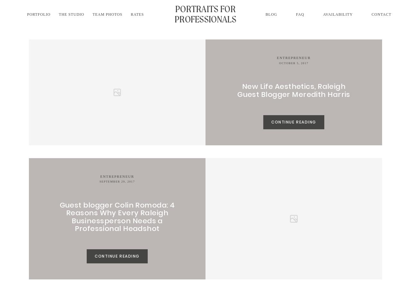 Image resolution: width=411 pixels, height=290 pixels. I want to click on 'Guest blogger Colin Romoda: 4 Reasons Why Every Raleigh Businessperson Needs a Professional Headshot', so click(59, 217).